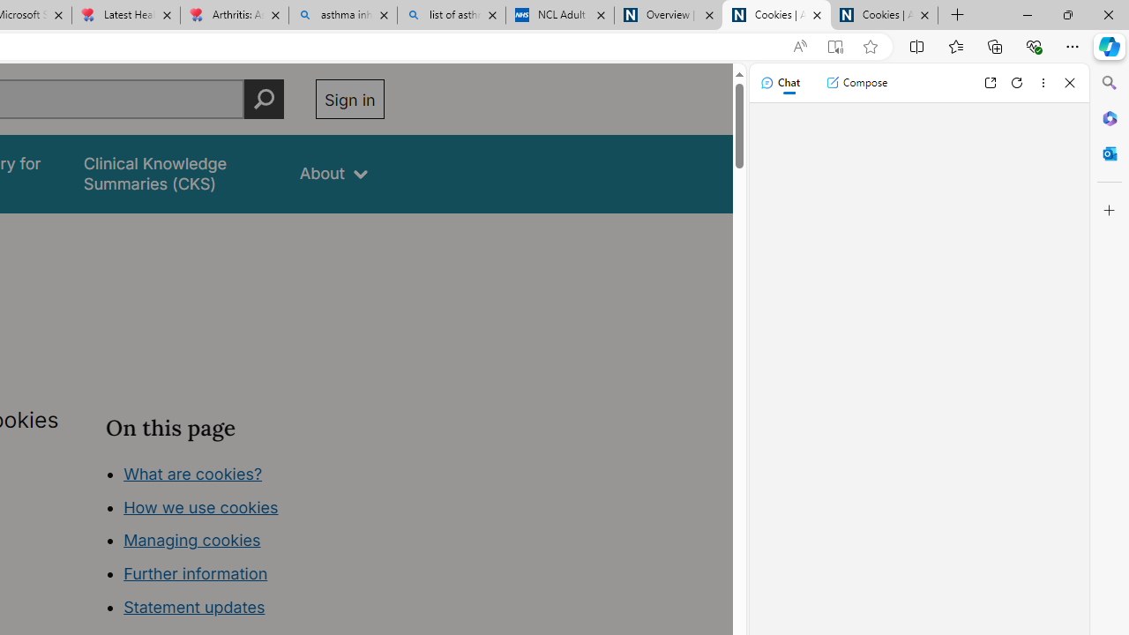  I want to click on 'Chat', so click(779, 82).